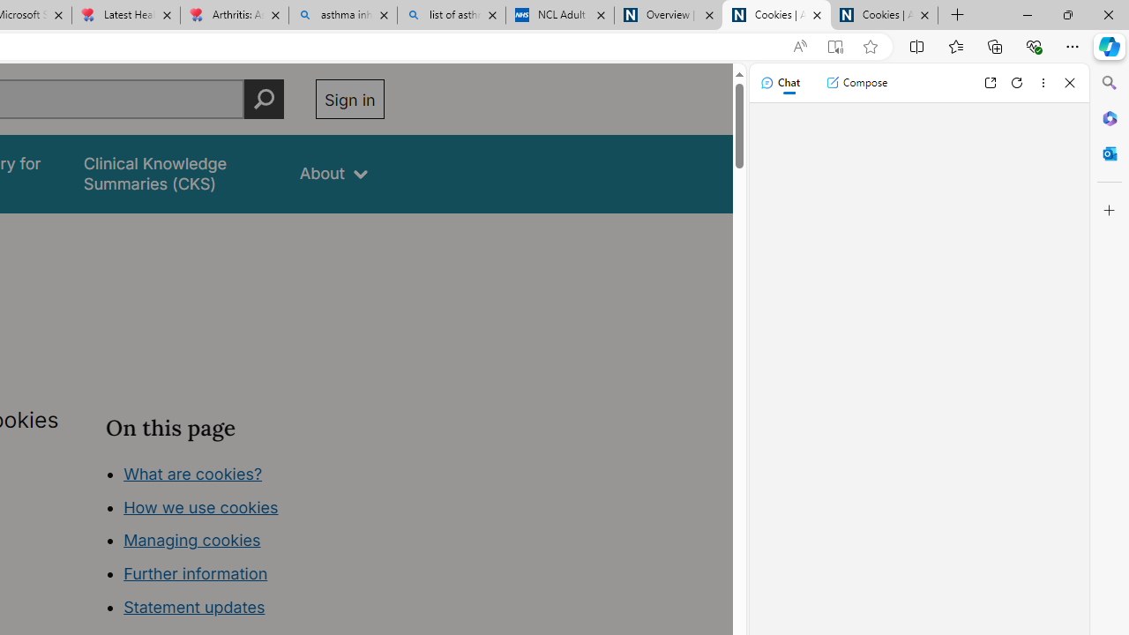  I want to click on 'Chat', so click(779, 82).